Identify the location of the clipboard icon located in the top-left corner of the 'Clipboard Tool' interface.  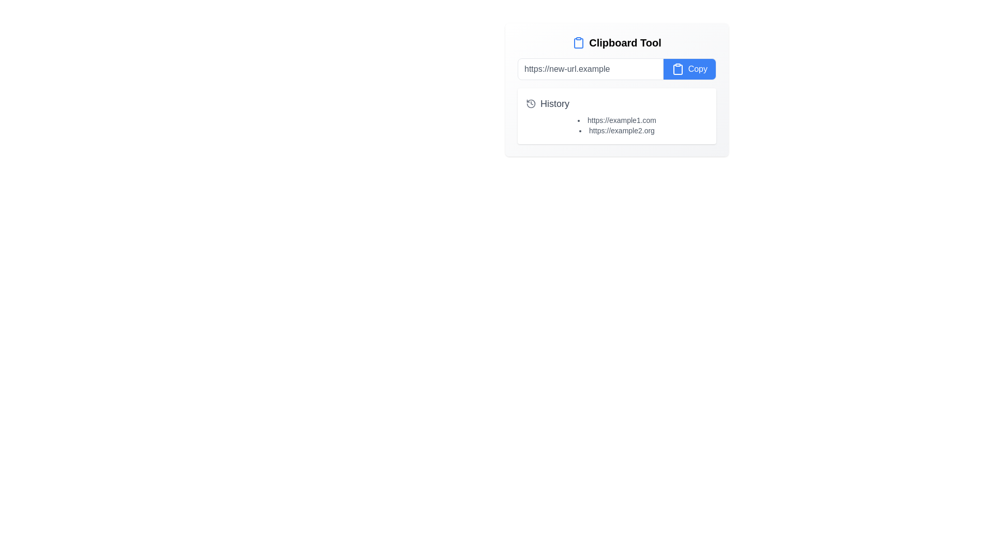
(578, 43).